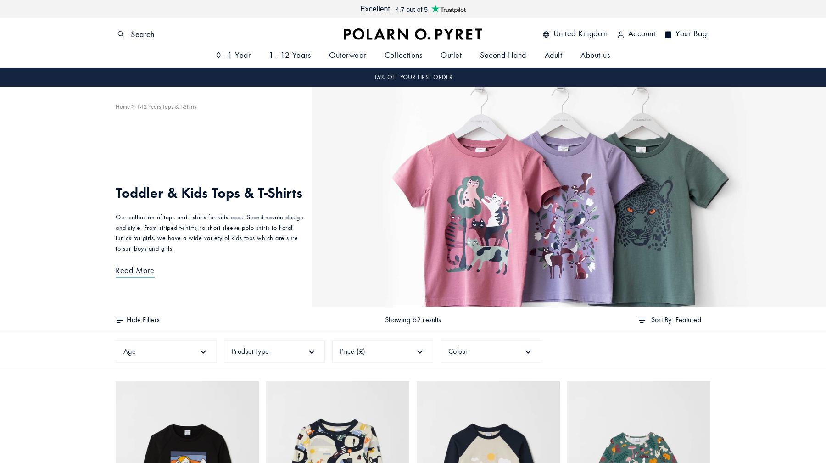 Image resolution: width=826 pixels, height=463 pixels. Describe the element at coordinates (580, 33) in the screenshot. I see `'United Kingdom'` at that location.